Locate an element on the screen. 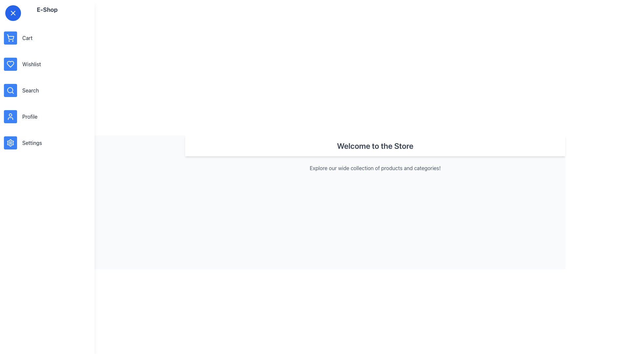 This screenshot has height=354, width=630. the magnifying glass icon button with a blue circular background located in the left navigation menu, positioned between 'Wishlist' and 'Profile' is located at coordinates (10, 90).